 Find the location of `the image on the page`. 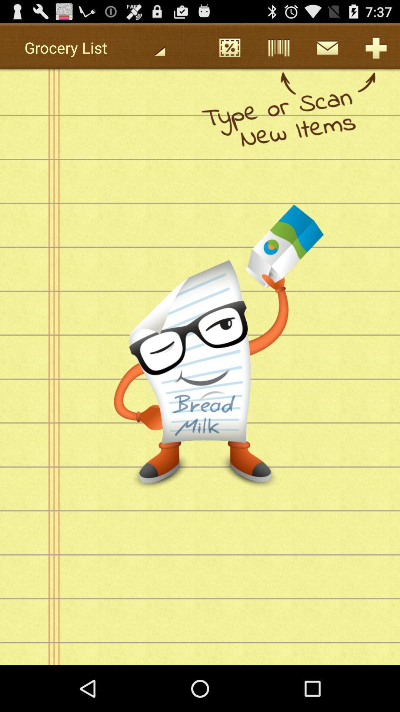

the image on the page is located at coordinates (244, 281).